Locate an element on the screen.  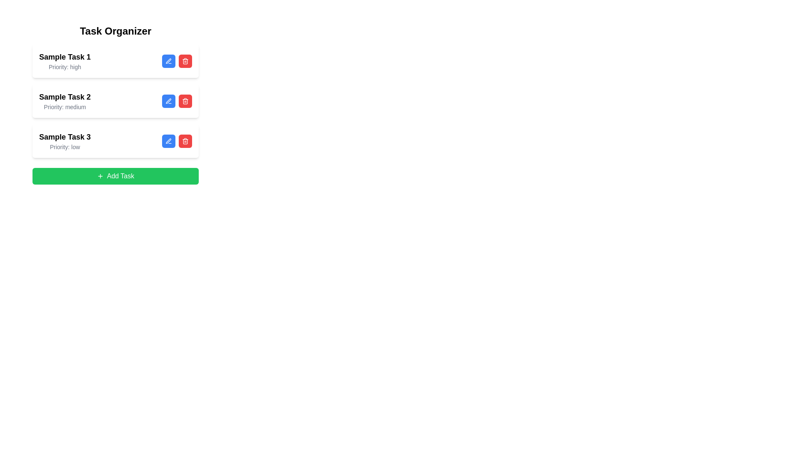
the compound textual component that serves as the title and description of 'Sample Task 1', which is located at the top of the vertically stacked list in the Task Organizer interface is located at coordinates (64, 60).